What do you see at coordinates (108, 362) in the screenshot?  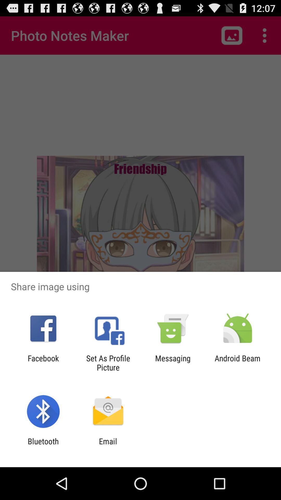 I see `the set as profile icon` at bounding box center [108, 362].